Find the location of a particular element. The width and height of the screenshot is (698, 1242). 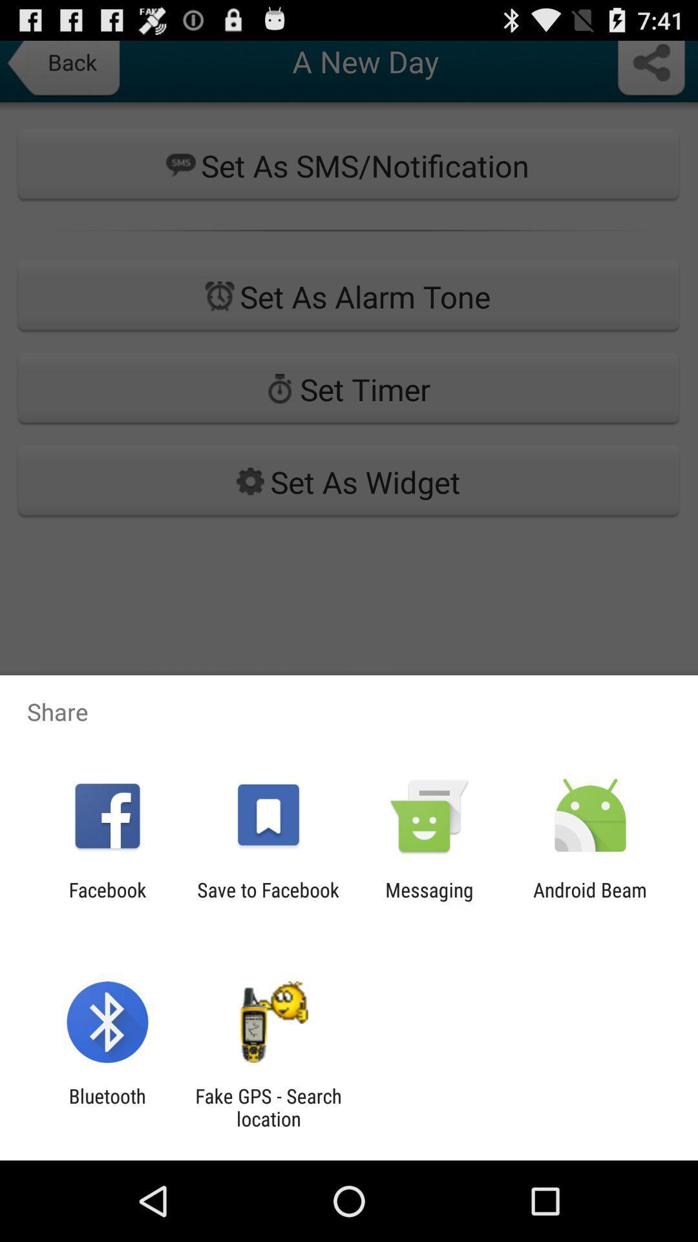

the item next to messaging is located at coordinates (590, 900).